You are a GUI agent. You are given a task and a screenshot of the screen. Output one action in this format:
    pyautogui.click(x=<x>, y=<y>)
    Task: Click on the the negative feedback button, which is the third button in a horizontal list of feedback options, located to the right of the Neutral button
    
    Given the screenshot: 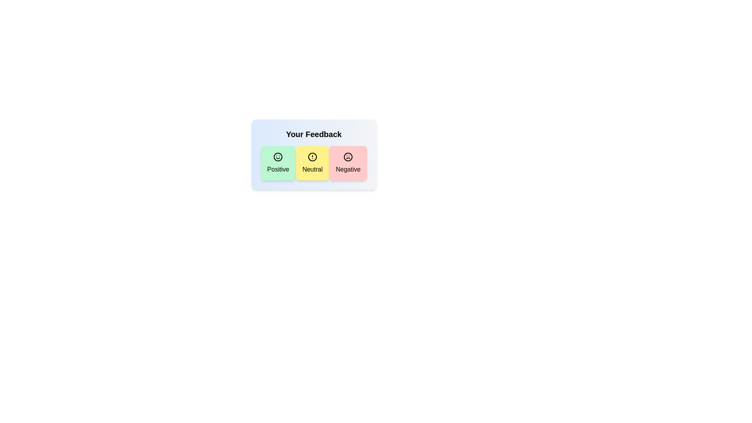 What is the action you would take?
    pyautogui.click(x=347, y=163)
    